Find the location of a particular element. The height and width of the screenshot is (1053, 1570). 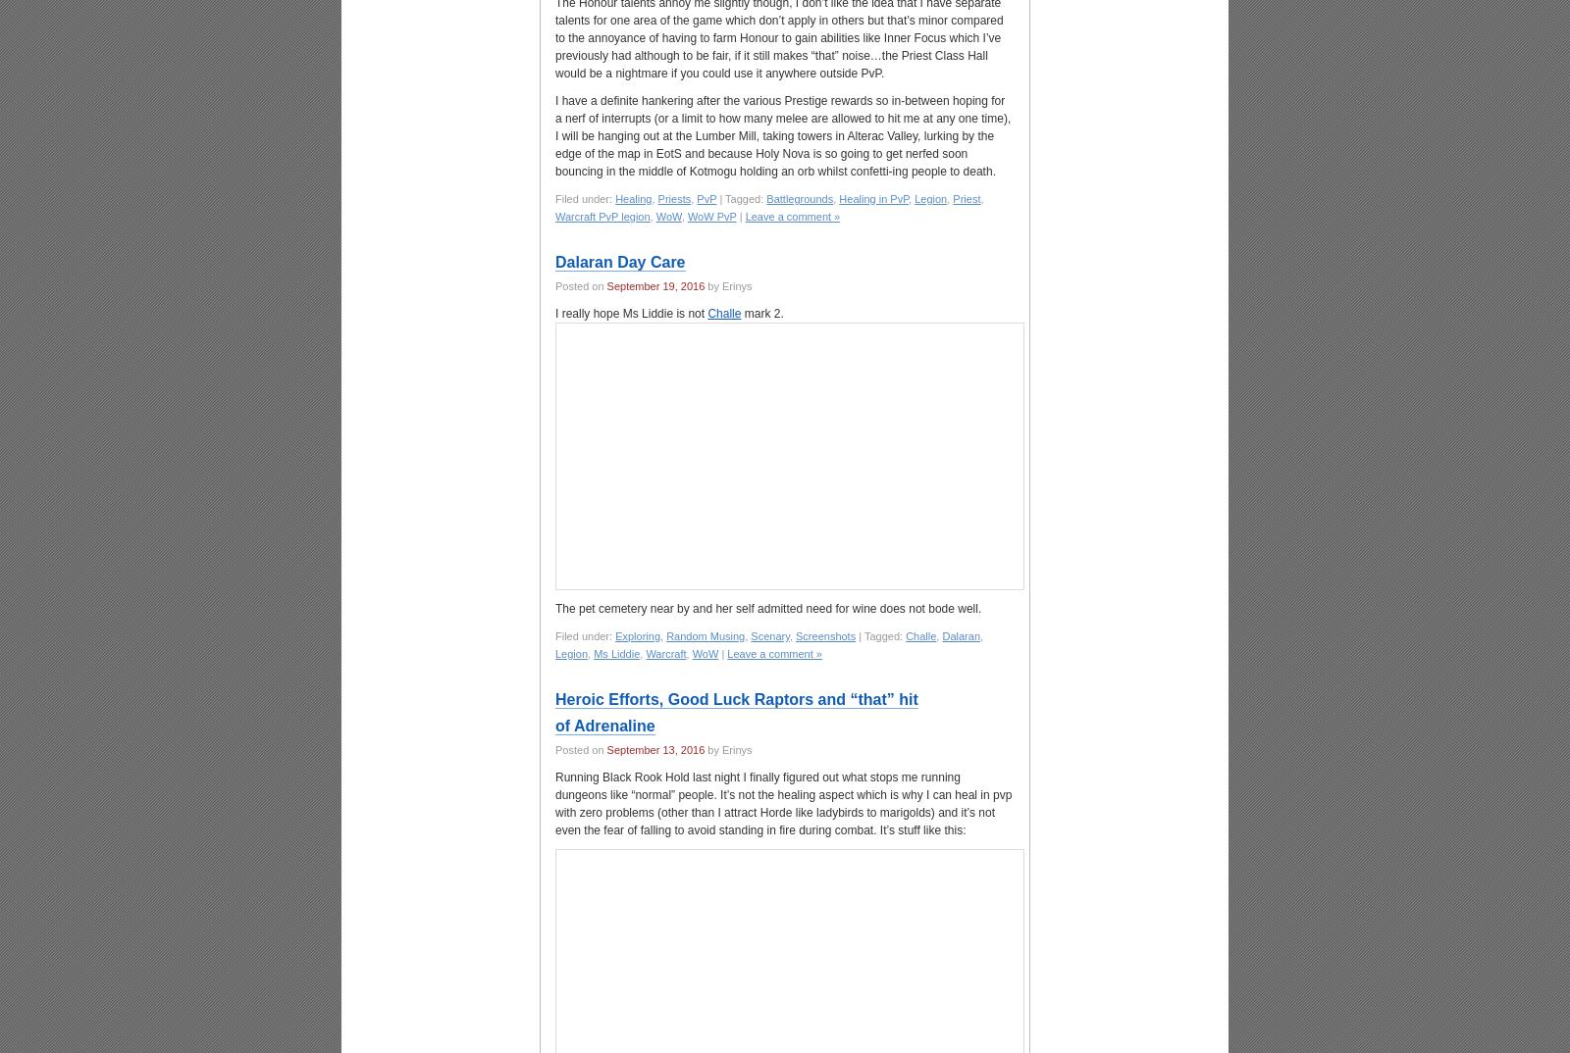

'Healing in PvP' is located at coordinates (872, 198).